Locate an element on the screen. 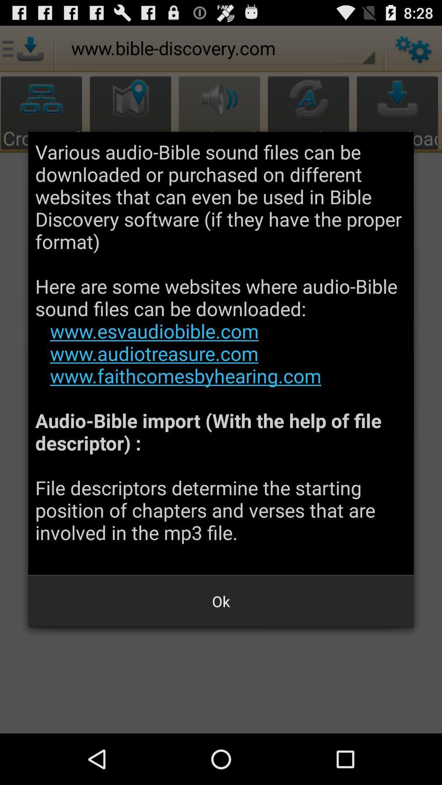 This screenshot has width=442, height=785. button above the ok button is located at coordinates (221, 353).